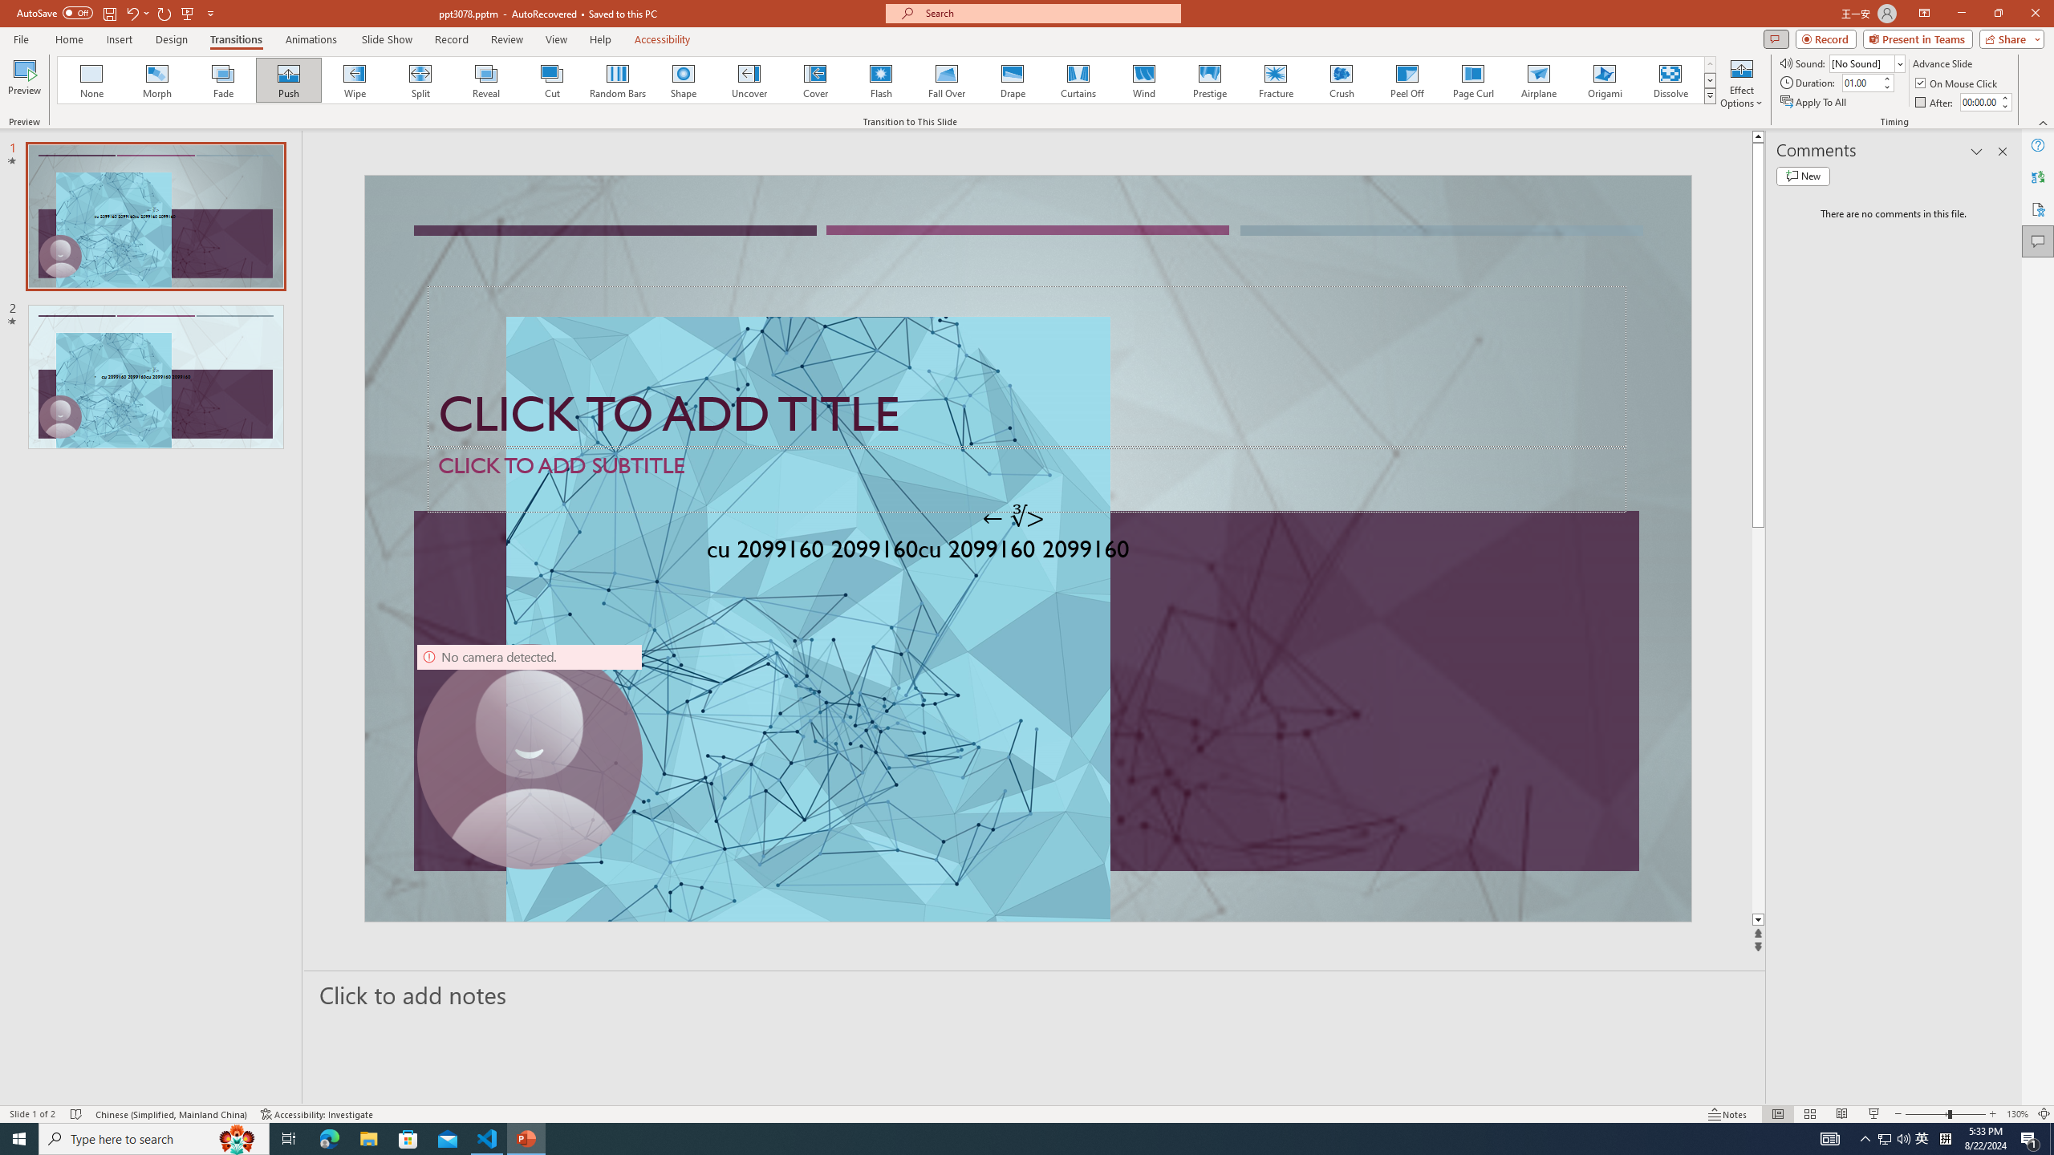 The height and width of the screenshot is (1155, 2054). I want to click on 'Curtains', so click(1078, 79).